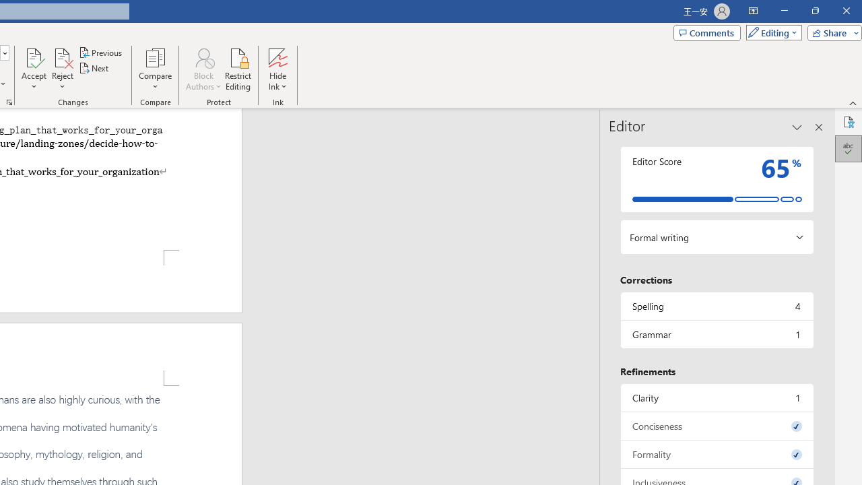  I want to click on 'Previous', so click(101, 52).